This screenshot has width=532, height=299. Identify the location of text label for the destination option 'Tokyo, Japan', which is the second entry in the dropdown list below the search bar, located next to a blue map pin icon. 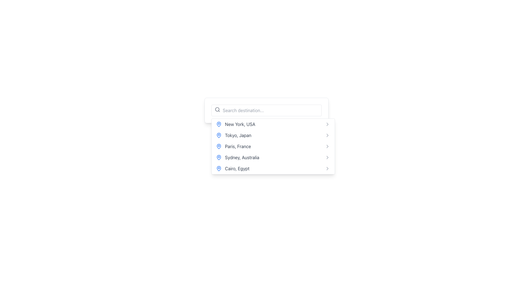
(238, 135).